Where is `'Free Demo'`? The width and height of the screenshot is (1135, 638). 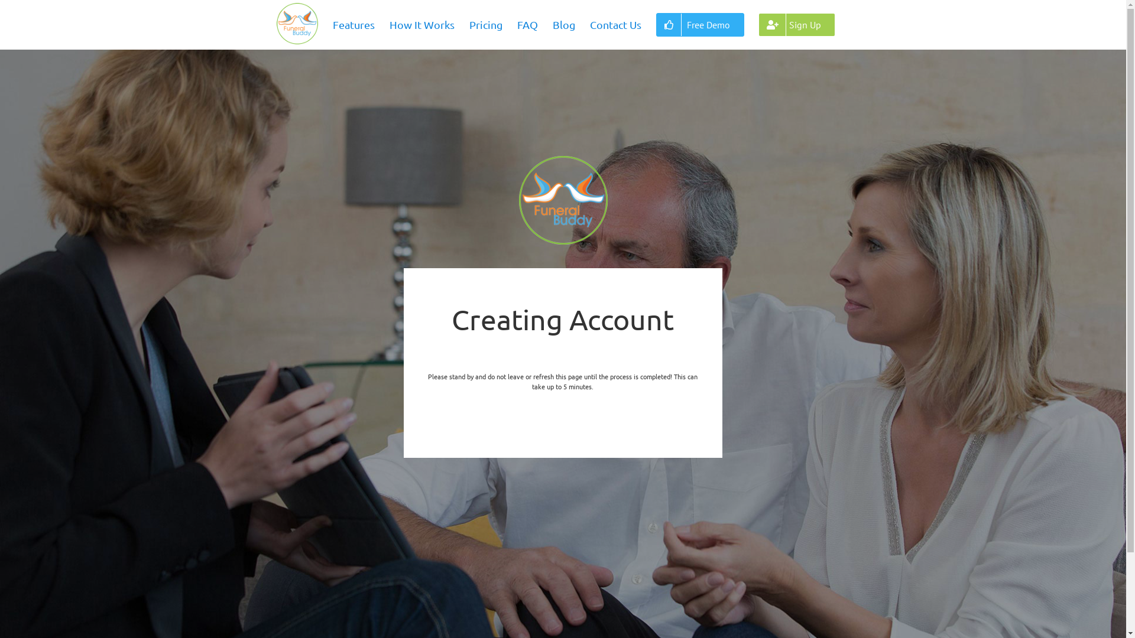 'Free Demo' is located at coordinates (700, 25).